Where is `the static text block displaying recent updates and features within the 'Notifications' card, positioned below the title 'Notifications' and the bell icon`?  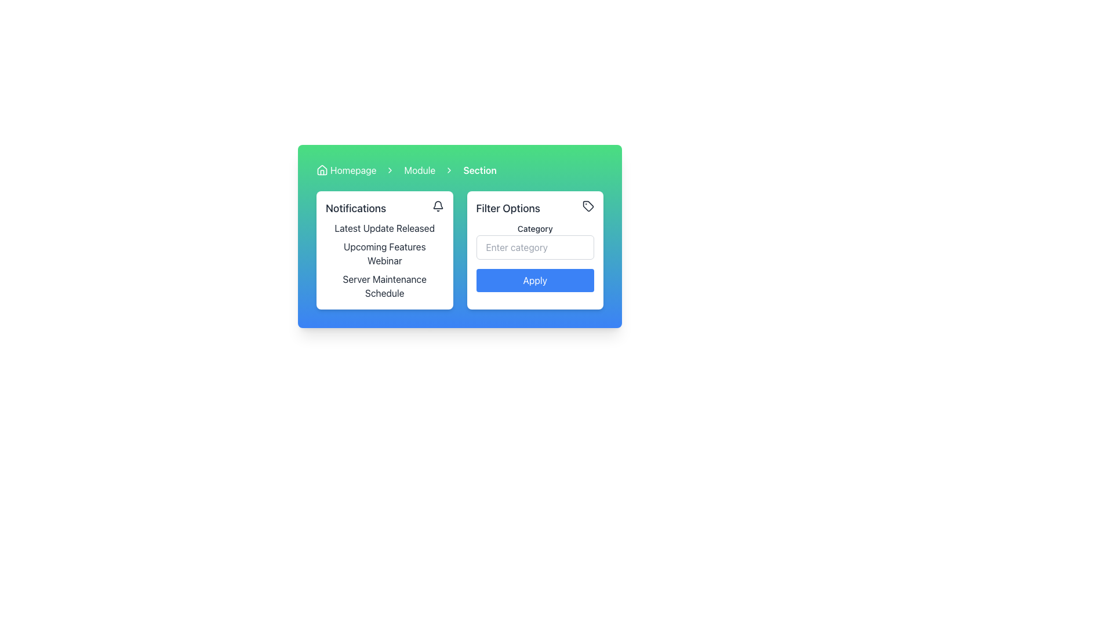
the static text block displaying recent updates and features within the 'Notifications' card, positioned below the title 'Notifications' and the bell icon is located at coordinates (384, 261).